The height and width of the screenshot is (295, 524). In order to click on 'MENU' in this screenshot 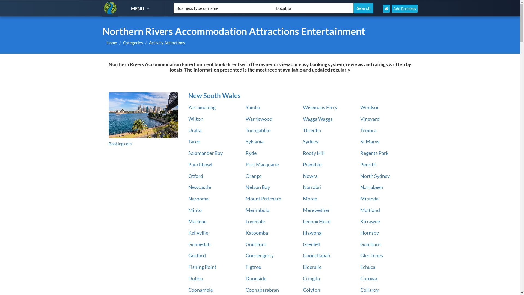, I will do `click(141, 8)`.